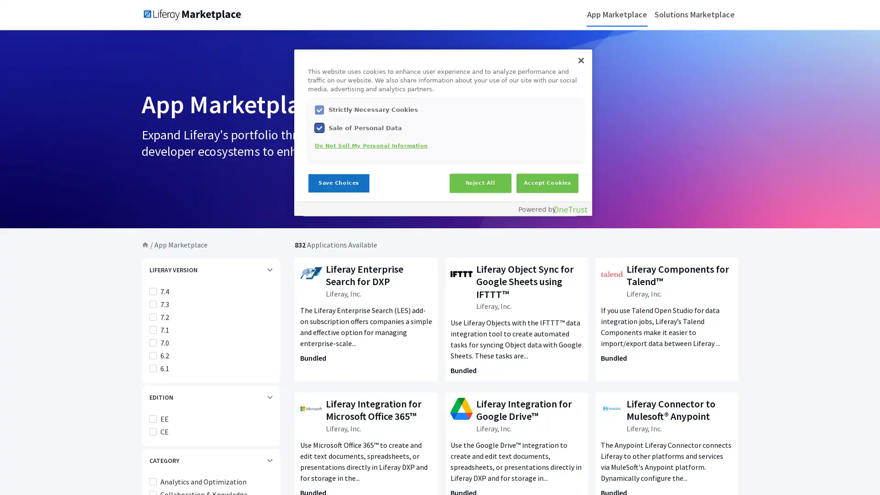  Describe the element at coordinates (210, 460) in the screenshot. I see `CATEGORY` at that location.